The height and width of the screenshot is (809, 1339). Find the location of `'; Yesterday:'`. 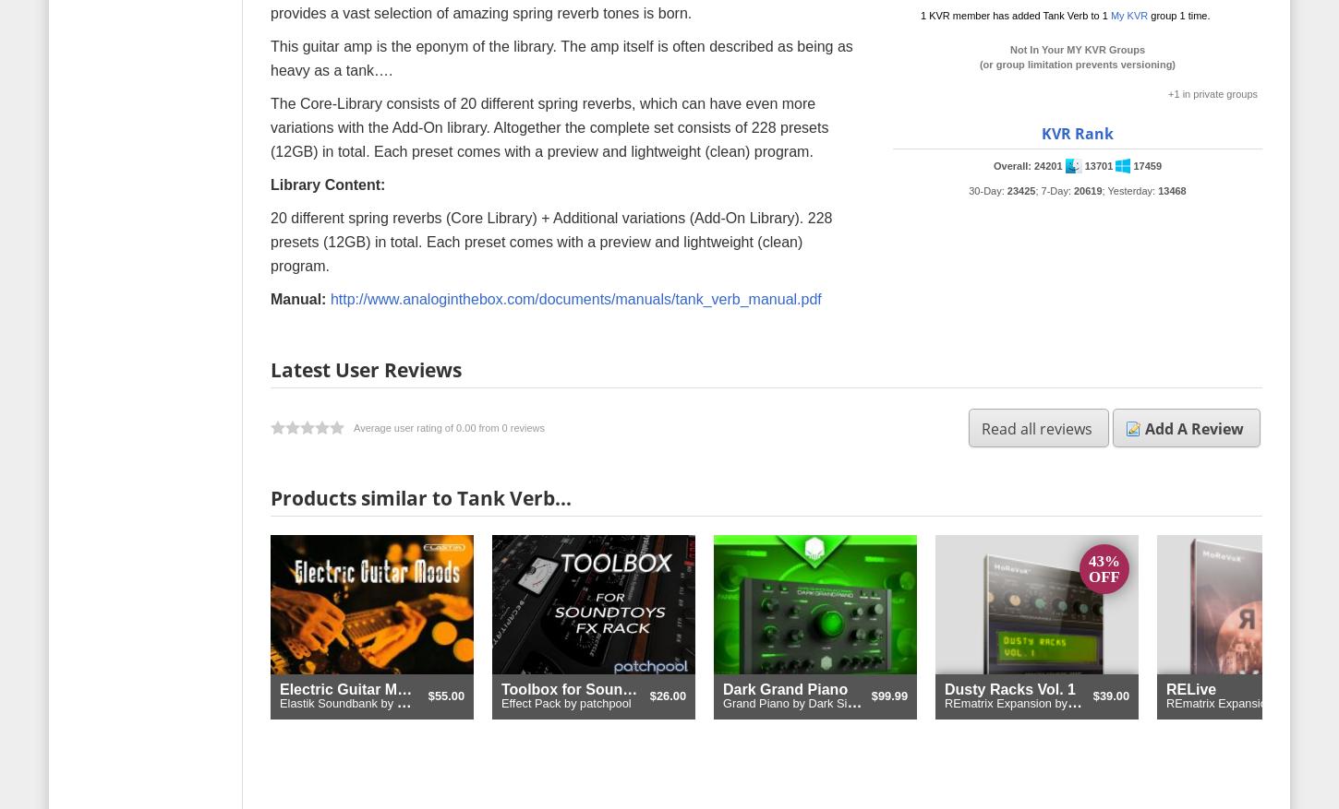

'; Yesterday:' is located at coordinates (1101, 189).